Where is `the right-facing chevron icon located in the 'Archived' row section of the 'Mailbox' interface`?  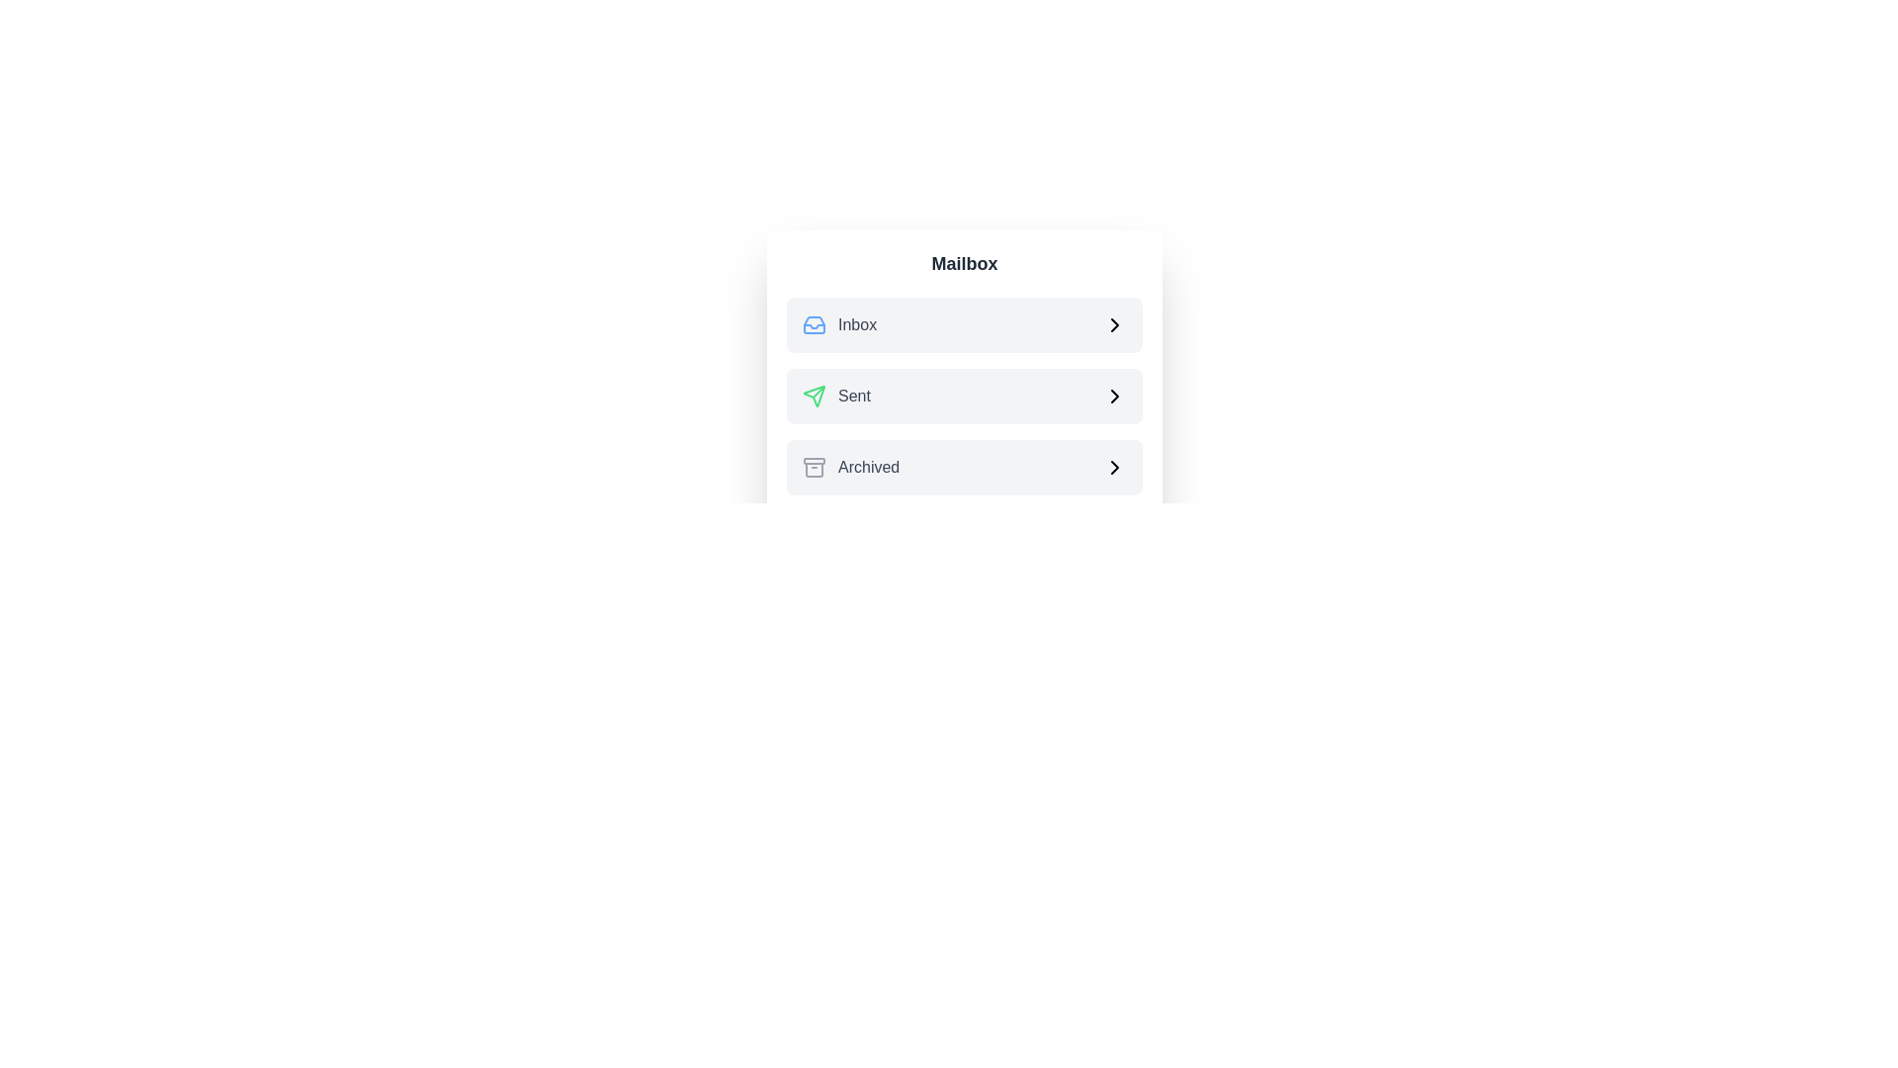 the right-facing chevron icon located in the 'Archived' row section of the 'Mailbox' interface is located at coordinates (1115, 468).